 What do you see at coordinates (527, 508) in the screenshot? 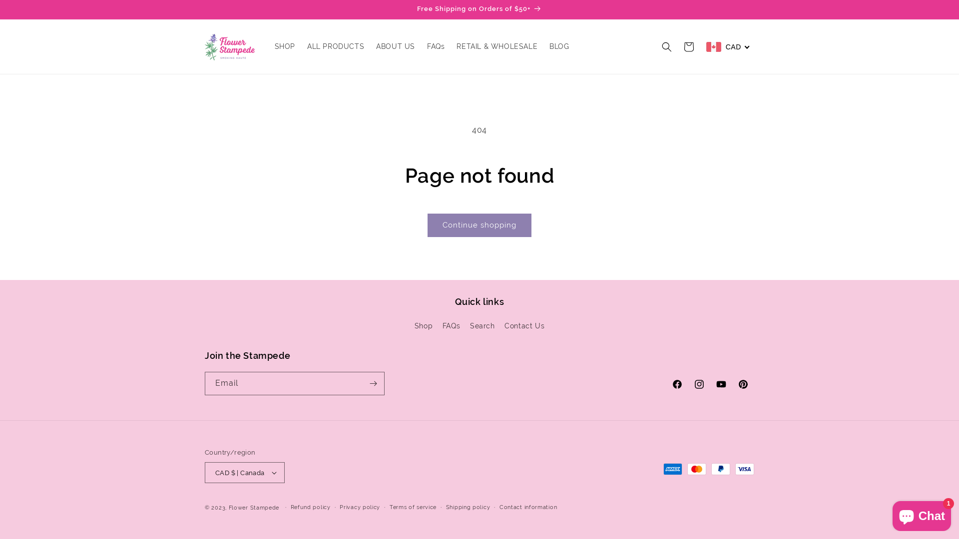
I see `'Contact information'` at bounding box center [527, 508].